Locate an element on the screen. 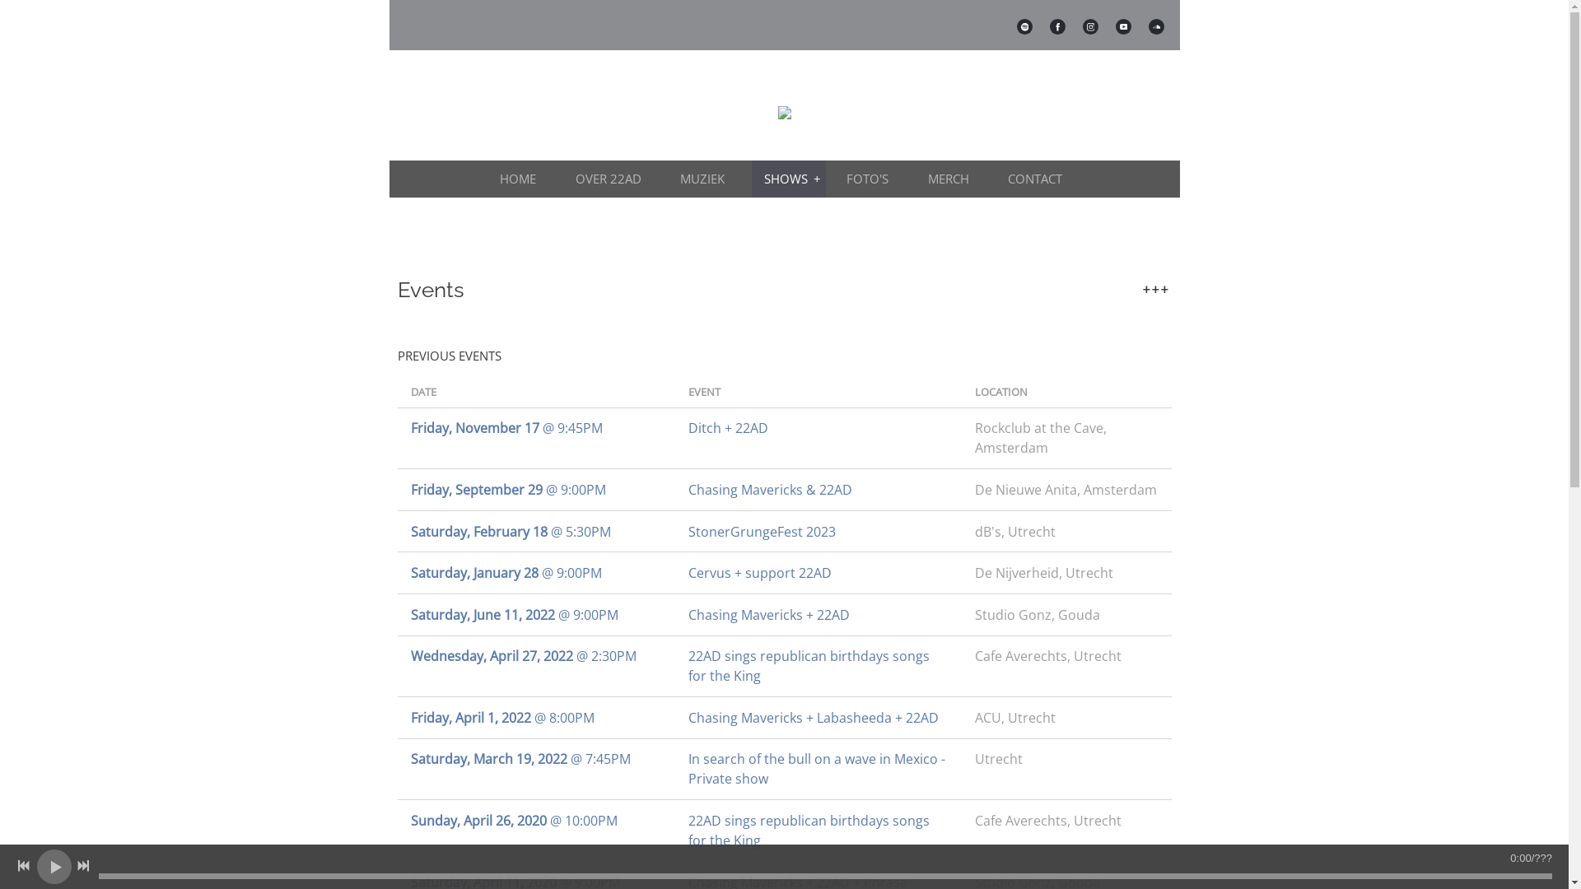 Image resolution: width=1581 pixels, height=889 pixels. 'In search of the bull on a wave in Mexico - Private show' is located at coordinates (818, 768).